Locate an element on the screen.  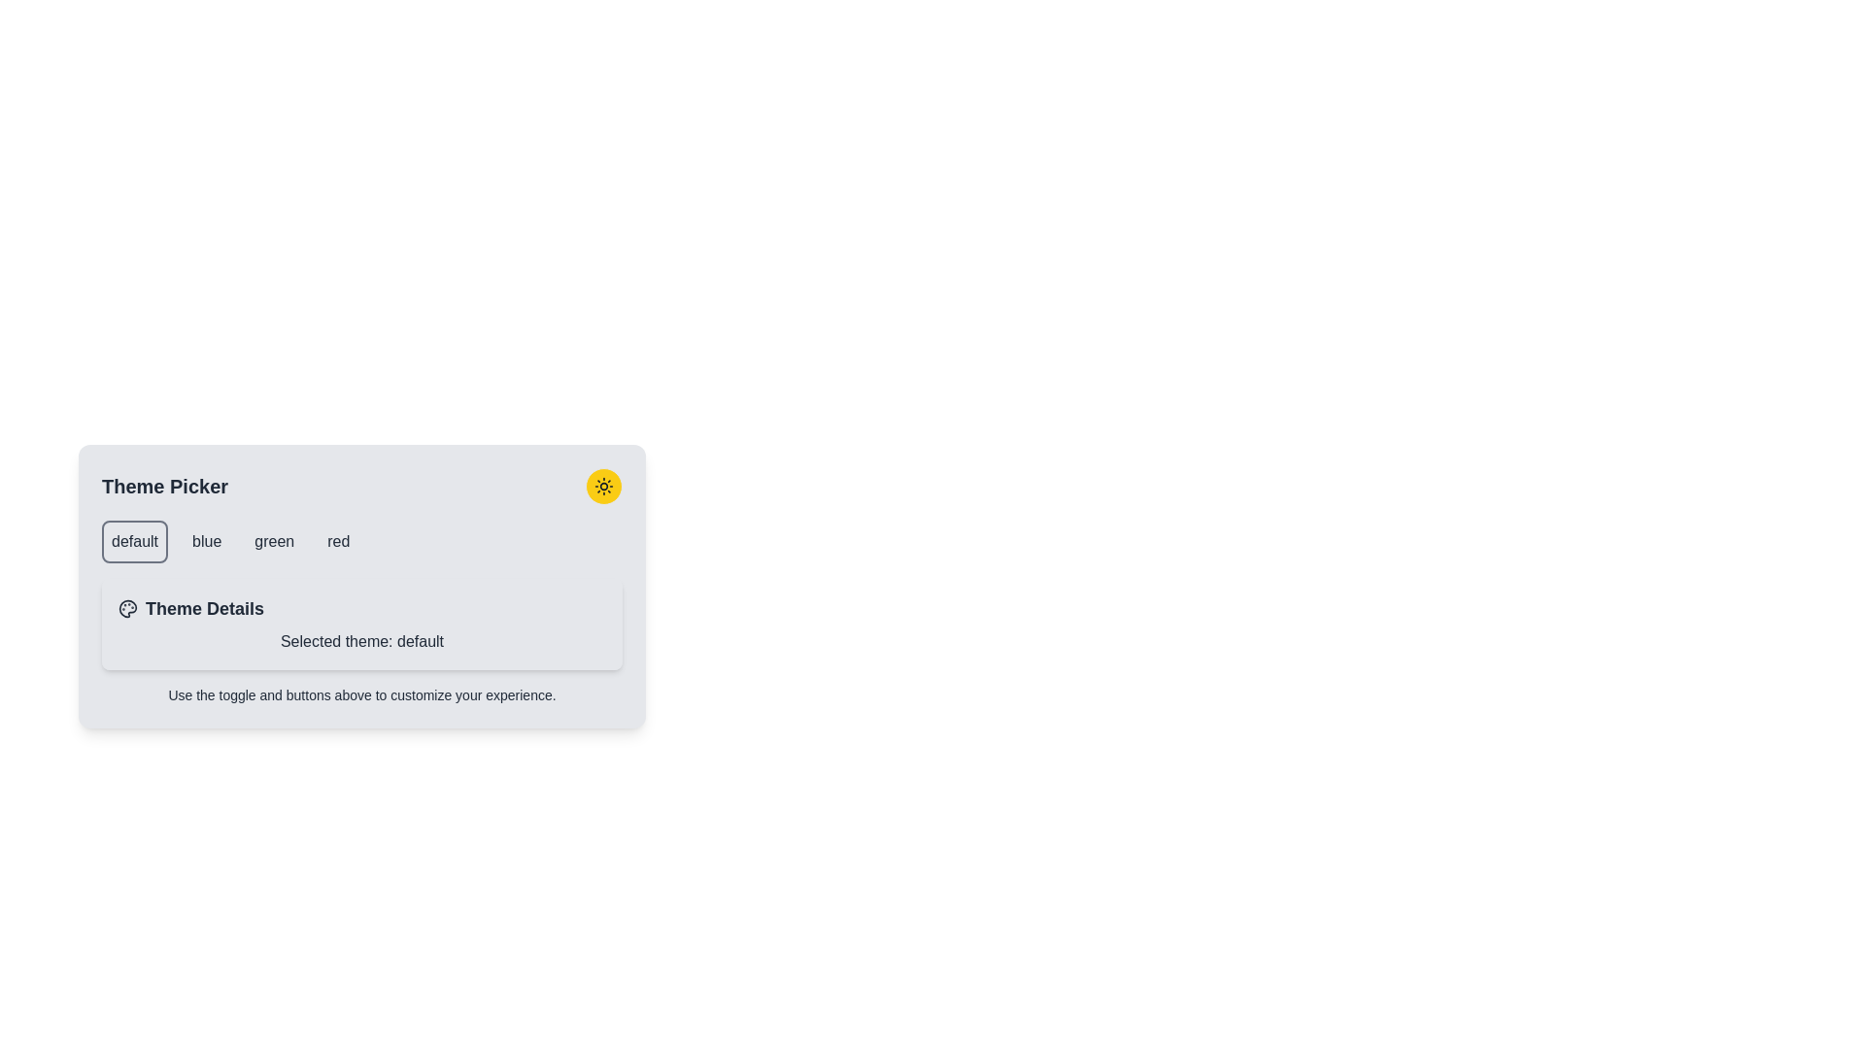
the button in the 'Theme Picker' group is located at coordinates (362, 542).